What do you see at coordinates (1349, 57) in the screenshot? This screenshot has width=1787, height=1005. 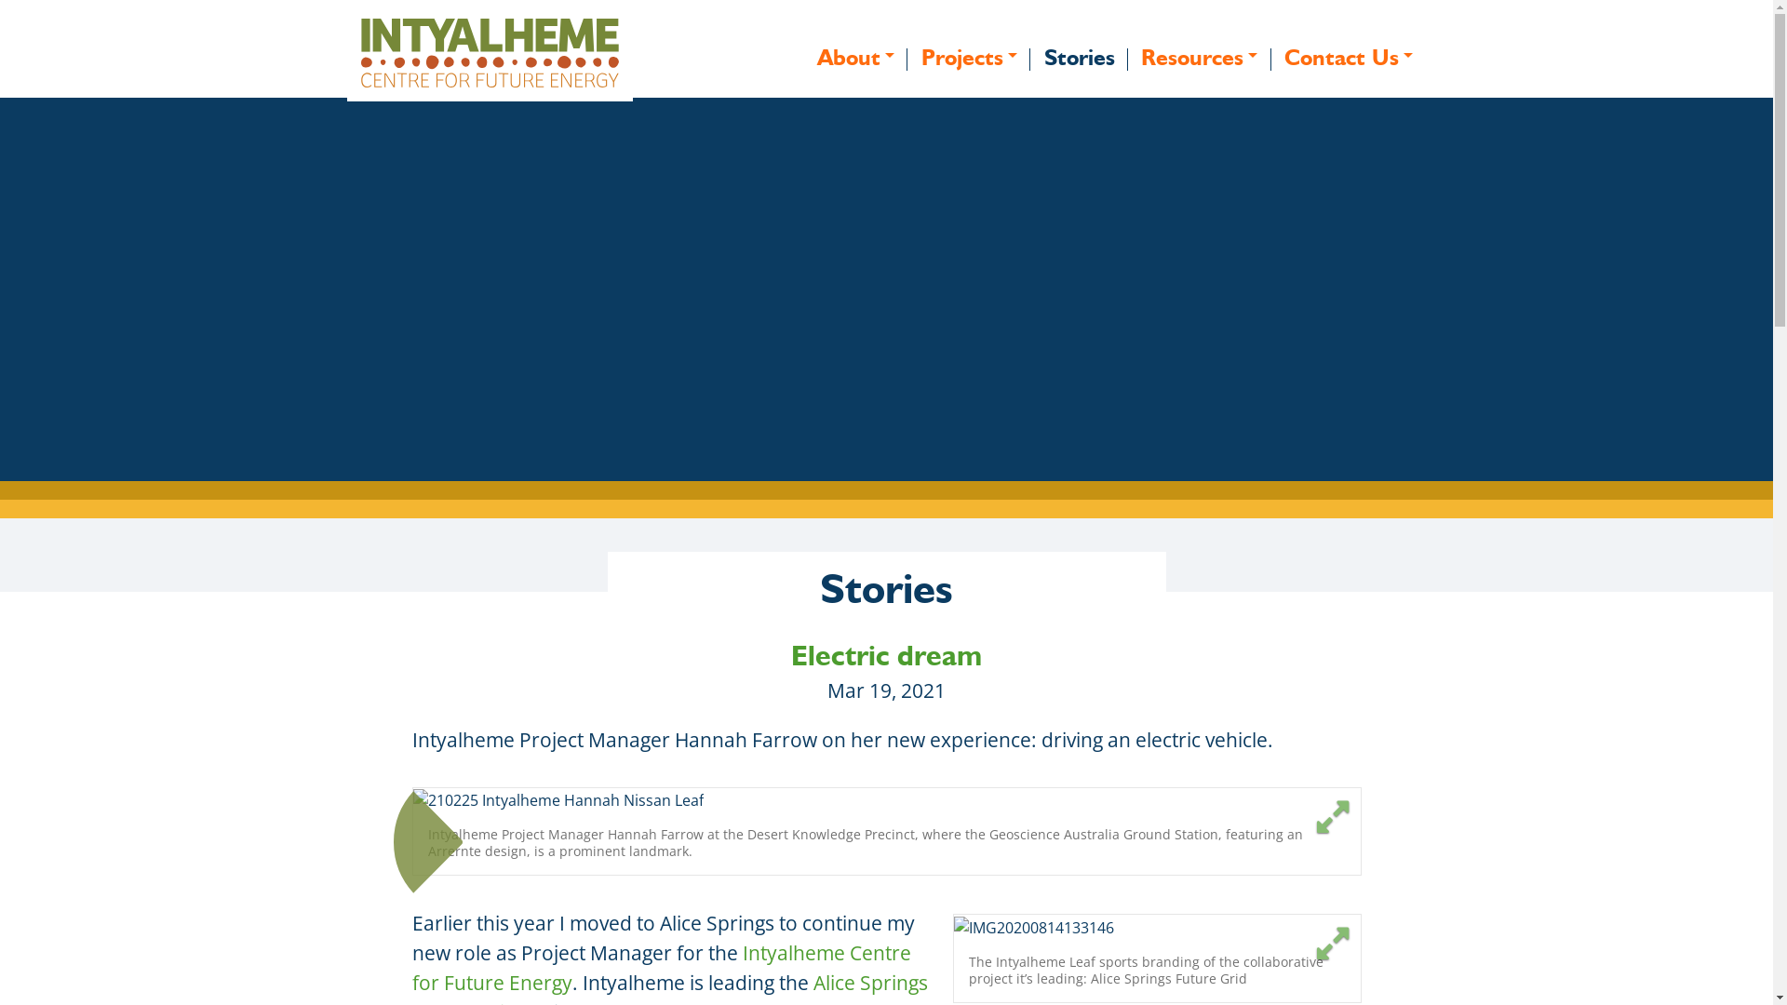 I see `'Contact Us'` at bounding box center [1349, 57].